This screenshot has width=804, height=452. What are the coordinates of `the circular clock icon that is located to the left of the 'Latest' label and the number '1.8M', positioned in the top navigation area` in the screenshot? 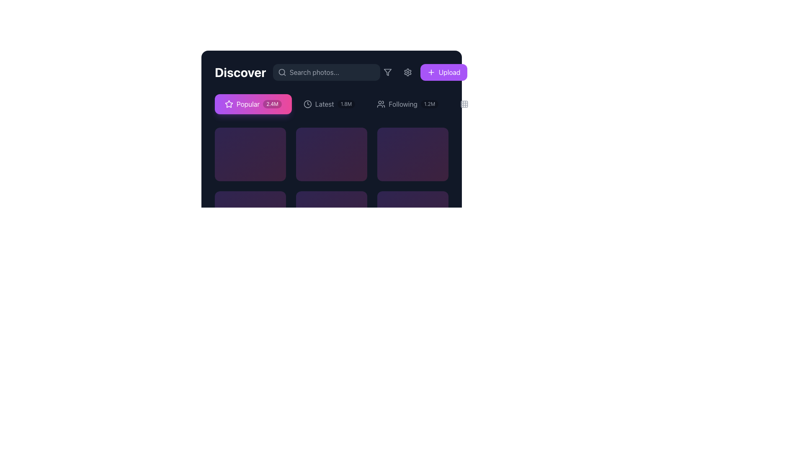 It's located at (307, 104).